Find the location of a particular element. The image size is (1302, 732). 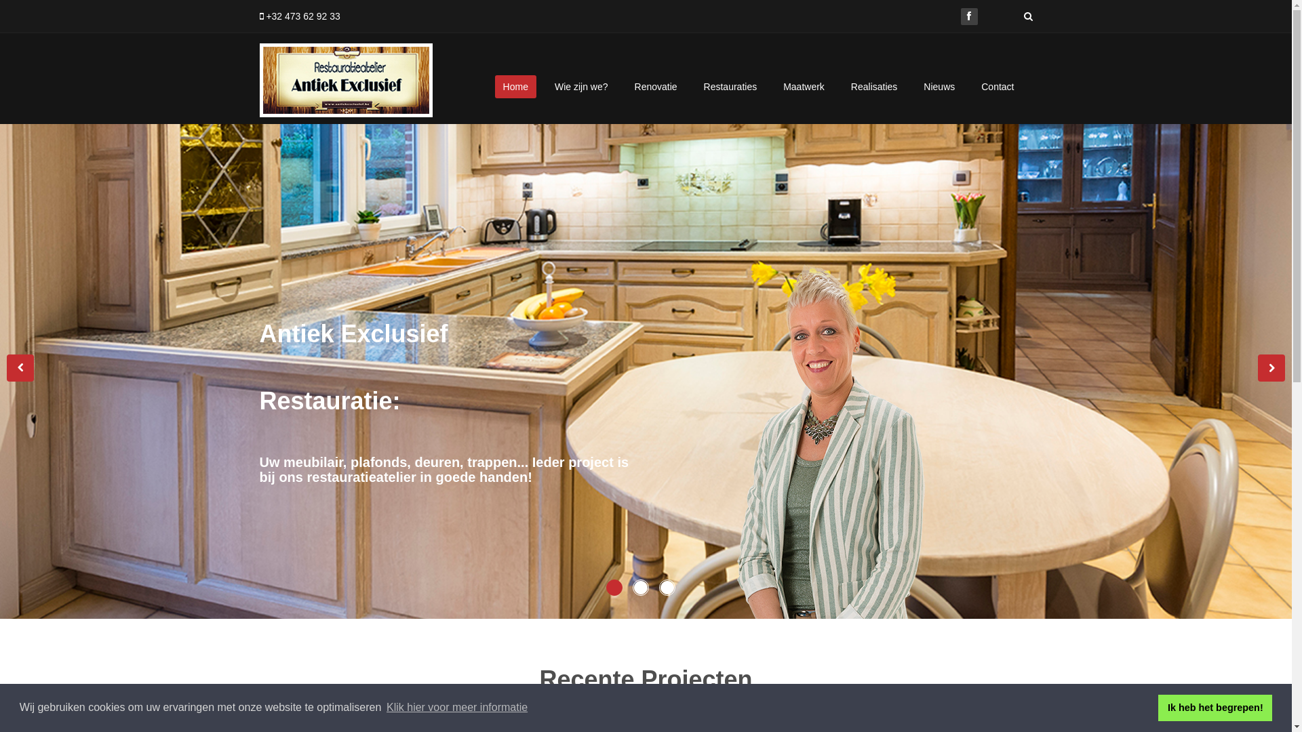

'Ik heb het begrepen!' is located at coordinates (1215, 707).